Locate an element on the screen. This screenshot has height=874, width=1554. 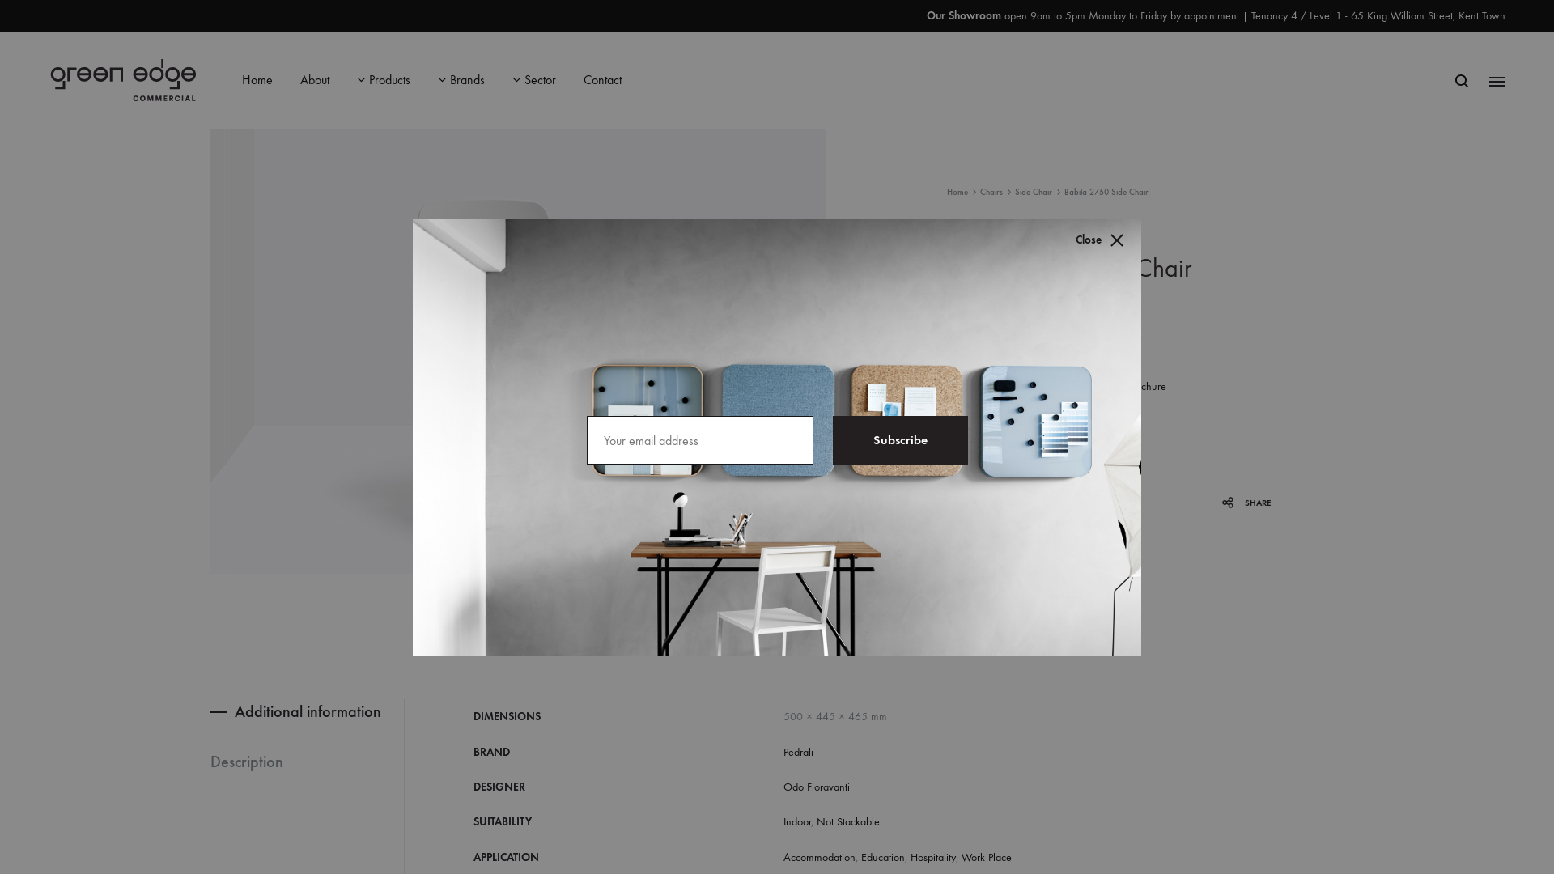
'Chairs' is located at coordinates (979, 191).